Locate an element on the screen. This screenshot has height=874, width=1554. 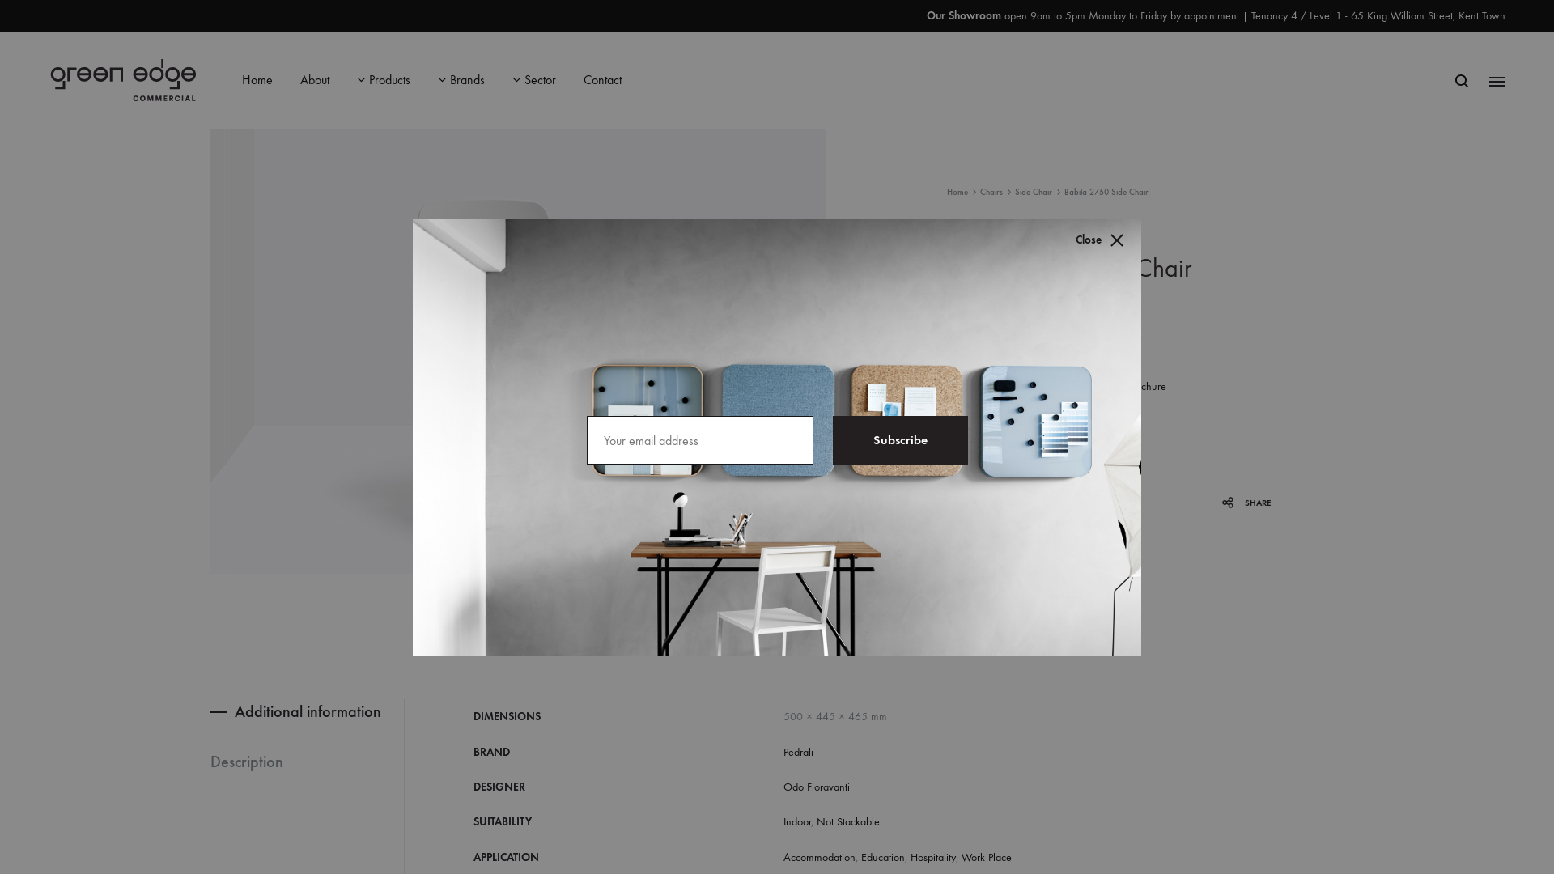
'Chairs' is located at coordinates (979, 191).